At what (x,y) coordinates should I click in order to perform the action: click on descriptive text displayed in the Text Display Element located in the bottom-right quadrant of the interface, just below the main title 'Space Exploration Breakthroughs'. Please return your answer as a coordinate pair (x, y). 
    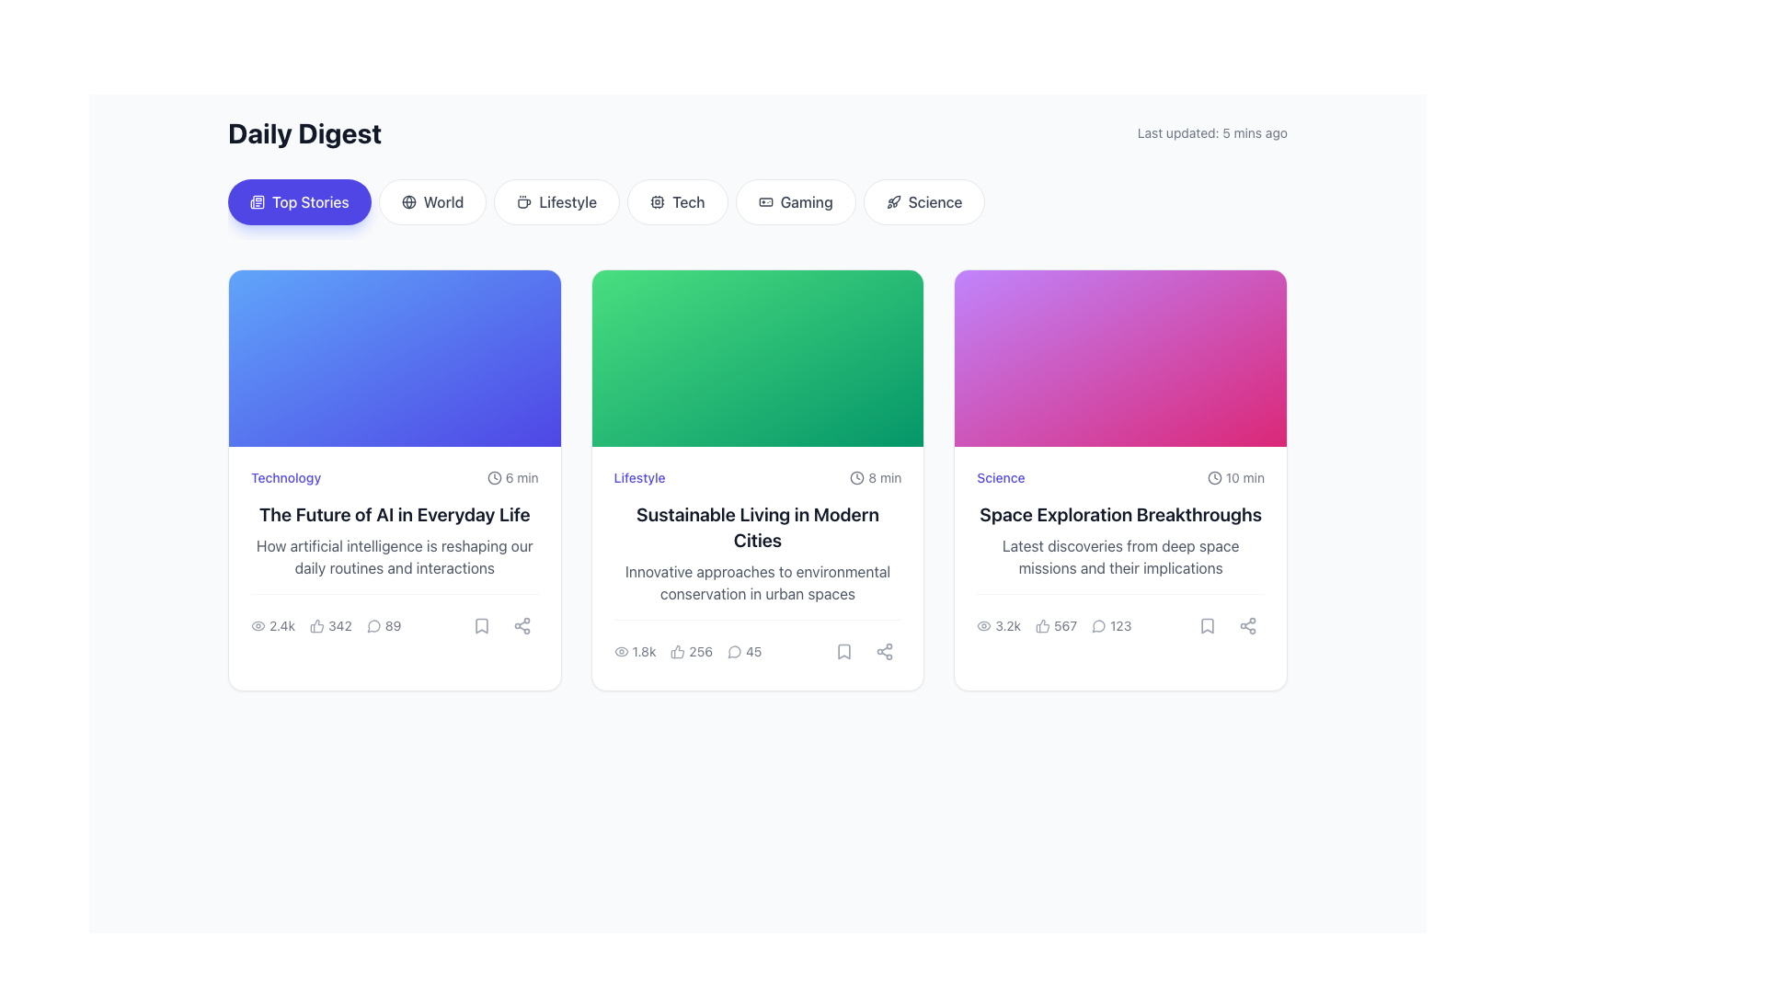
    Looking at the image, I should click on (1119, 555).